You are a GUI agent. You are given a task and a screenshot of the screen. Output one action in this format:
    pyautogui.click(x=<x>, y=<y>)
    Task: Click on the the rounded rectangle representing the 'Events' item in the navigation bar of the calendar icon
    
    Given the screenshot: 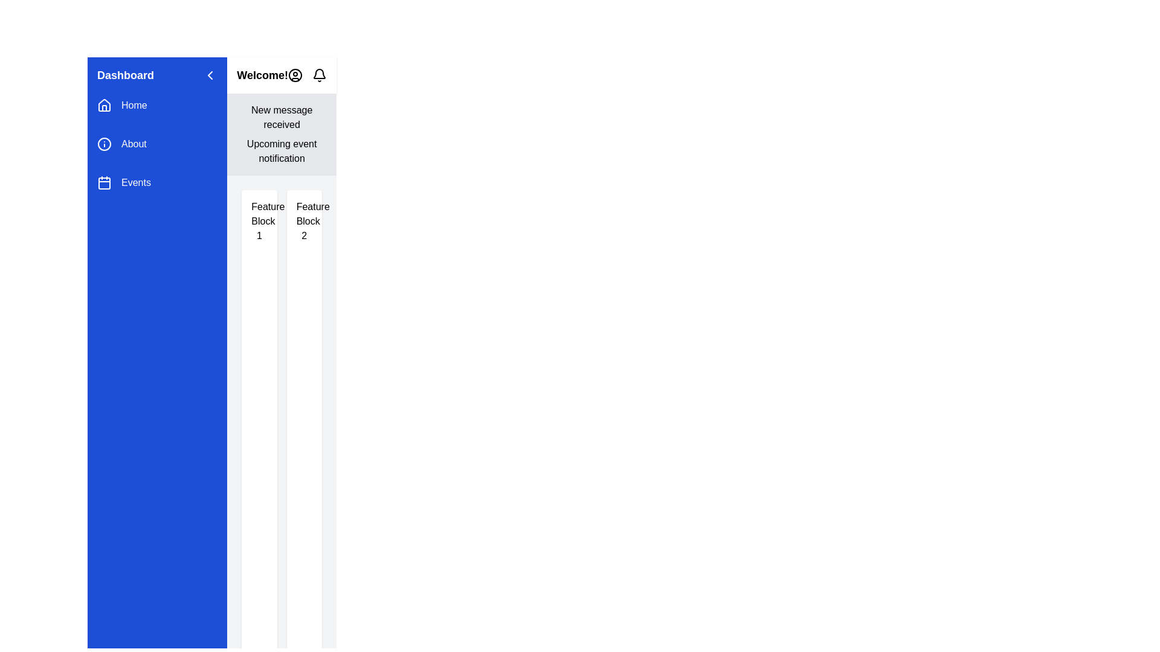 What is the action you would take?
    pyautogui.click(x=104, y=184)
    